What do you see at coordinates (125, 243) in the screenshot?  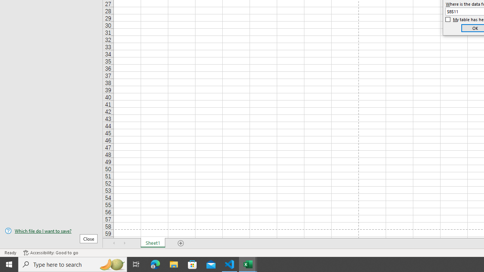 I see `'Scroll Right'` at bounding box center [125, 243].